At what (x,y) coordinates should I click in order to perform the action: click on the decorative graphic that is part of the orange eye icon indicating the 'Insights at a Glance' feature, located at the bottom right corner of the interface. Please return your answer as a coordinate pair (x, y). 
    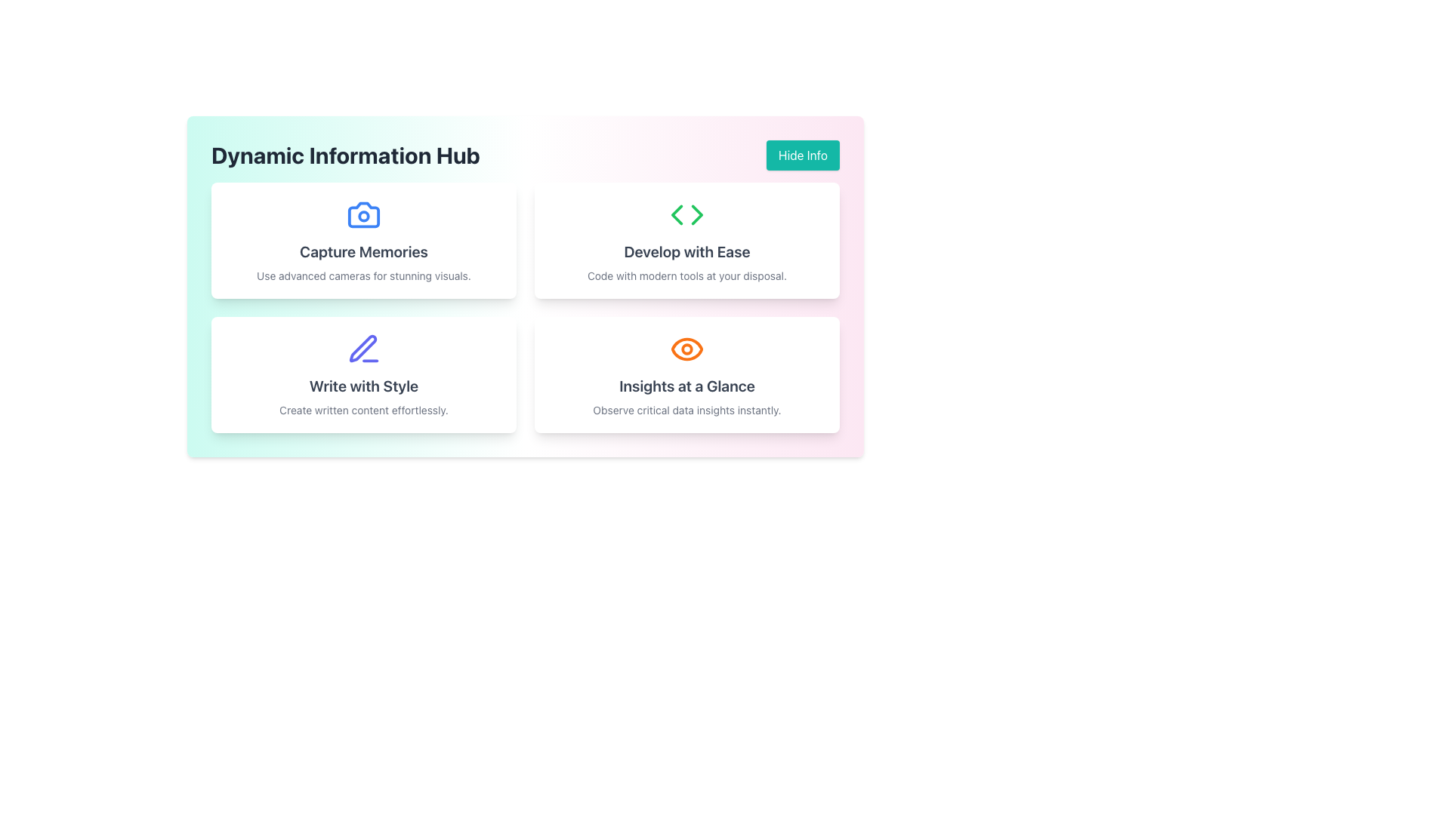
    Looking at the image, I should click on (686, 349).